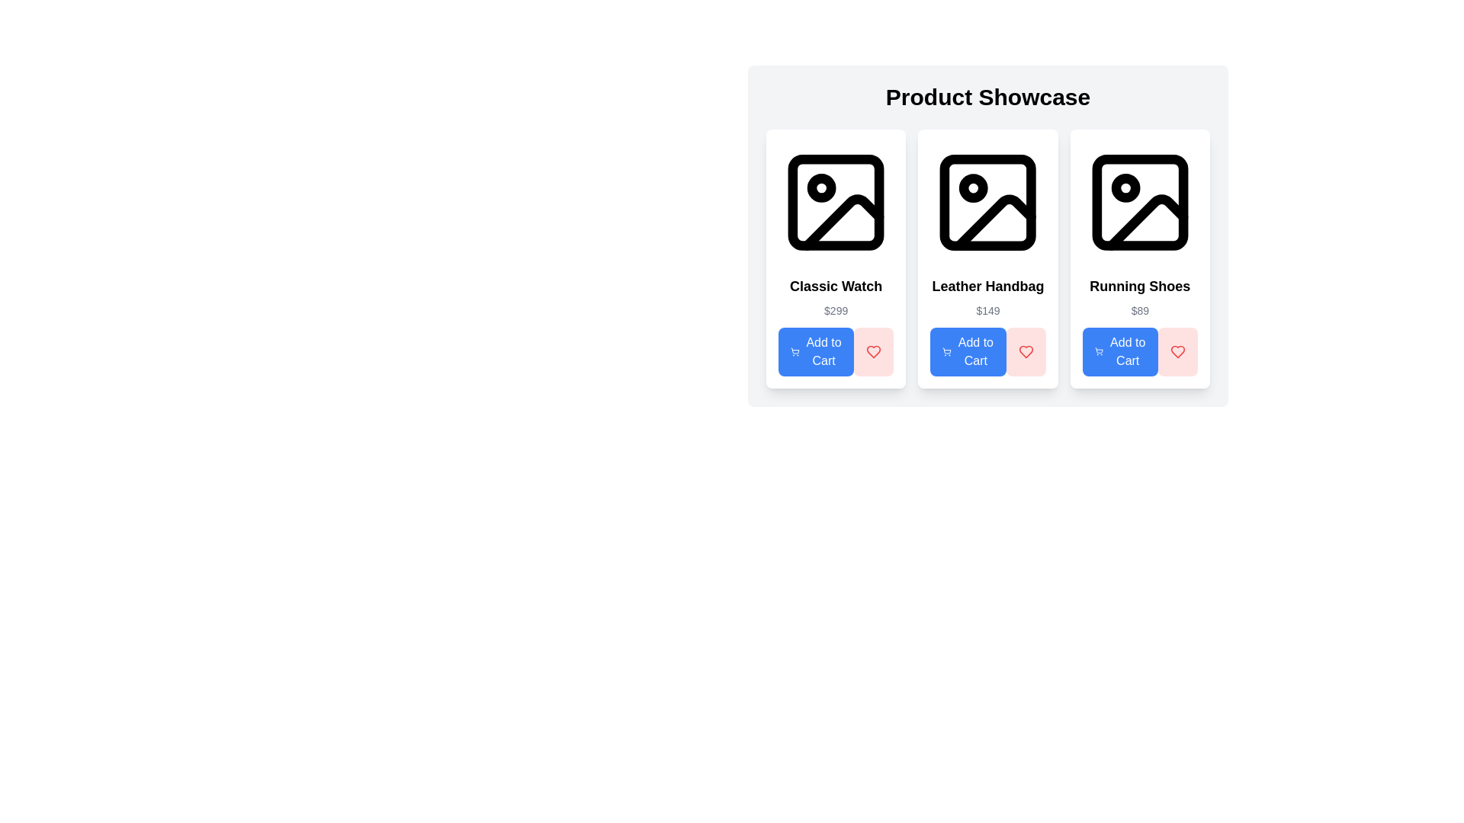 The height and width of the screenshot is (823, 1464). I want to click on the decorative dot within the 'Classic Watch' product icon located in the leftmost product card under the 'Product Showcase' section, so click(820, 187).